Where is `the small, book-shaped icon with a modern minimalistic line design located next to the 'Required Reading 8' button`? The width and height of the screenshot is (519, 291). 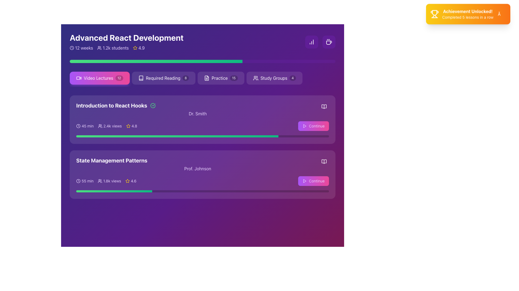 the small, book-shaped icon with a modern minimalistic line design located next to the 'Required Reading 8' button is located at coordinates (141, 78).